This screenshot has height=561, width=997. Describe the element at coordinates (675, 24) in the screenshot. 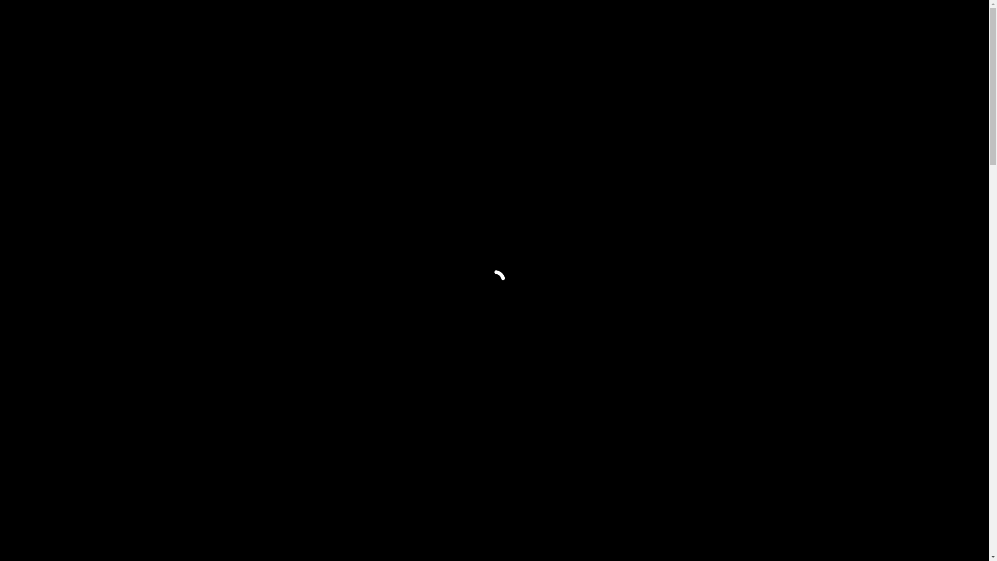

I see `'Over ons'` at that location.